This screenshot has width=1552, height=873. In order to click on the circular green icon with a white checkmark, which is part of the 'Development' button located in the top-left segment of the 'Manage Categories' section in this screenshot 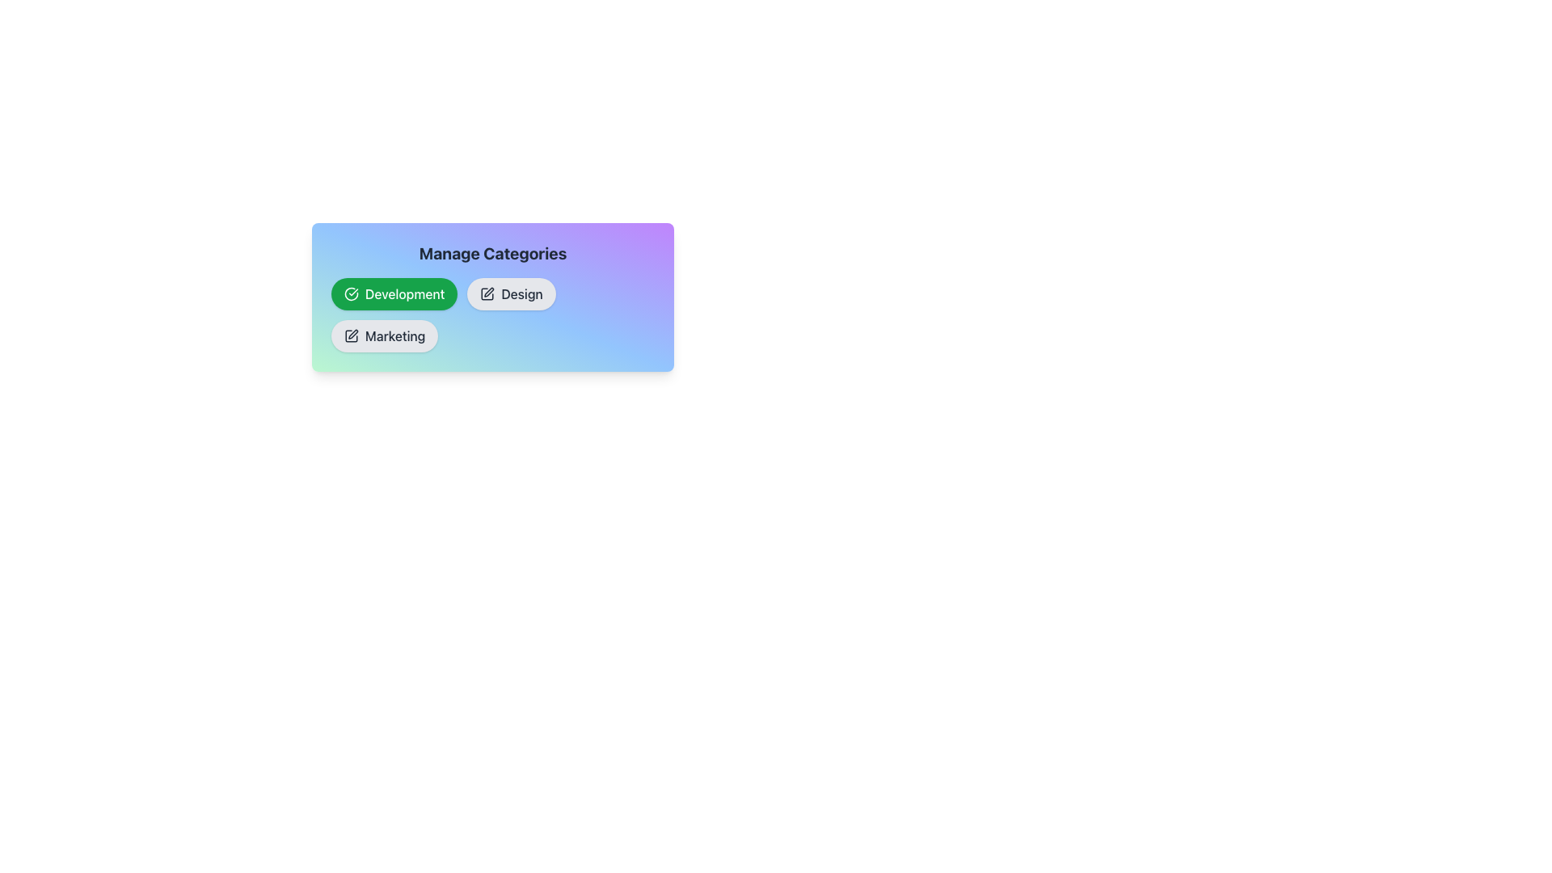, I will do `click(351, 293)`.